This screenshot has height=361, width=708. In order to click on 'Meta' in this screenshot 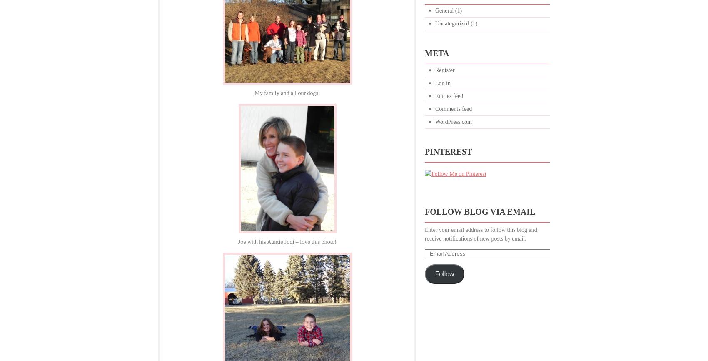, I will do `click(436, 53)`.